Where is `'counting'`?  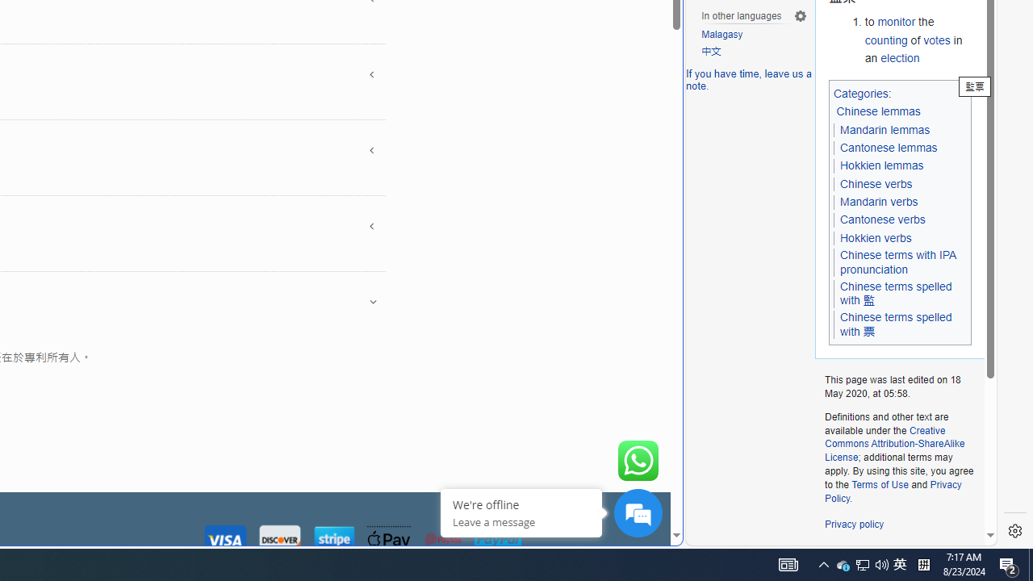 'counting' is located at coordinates (885, 39).